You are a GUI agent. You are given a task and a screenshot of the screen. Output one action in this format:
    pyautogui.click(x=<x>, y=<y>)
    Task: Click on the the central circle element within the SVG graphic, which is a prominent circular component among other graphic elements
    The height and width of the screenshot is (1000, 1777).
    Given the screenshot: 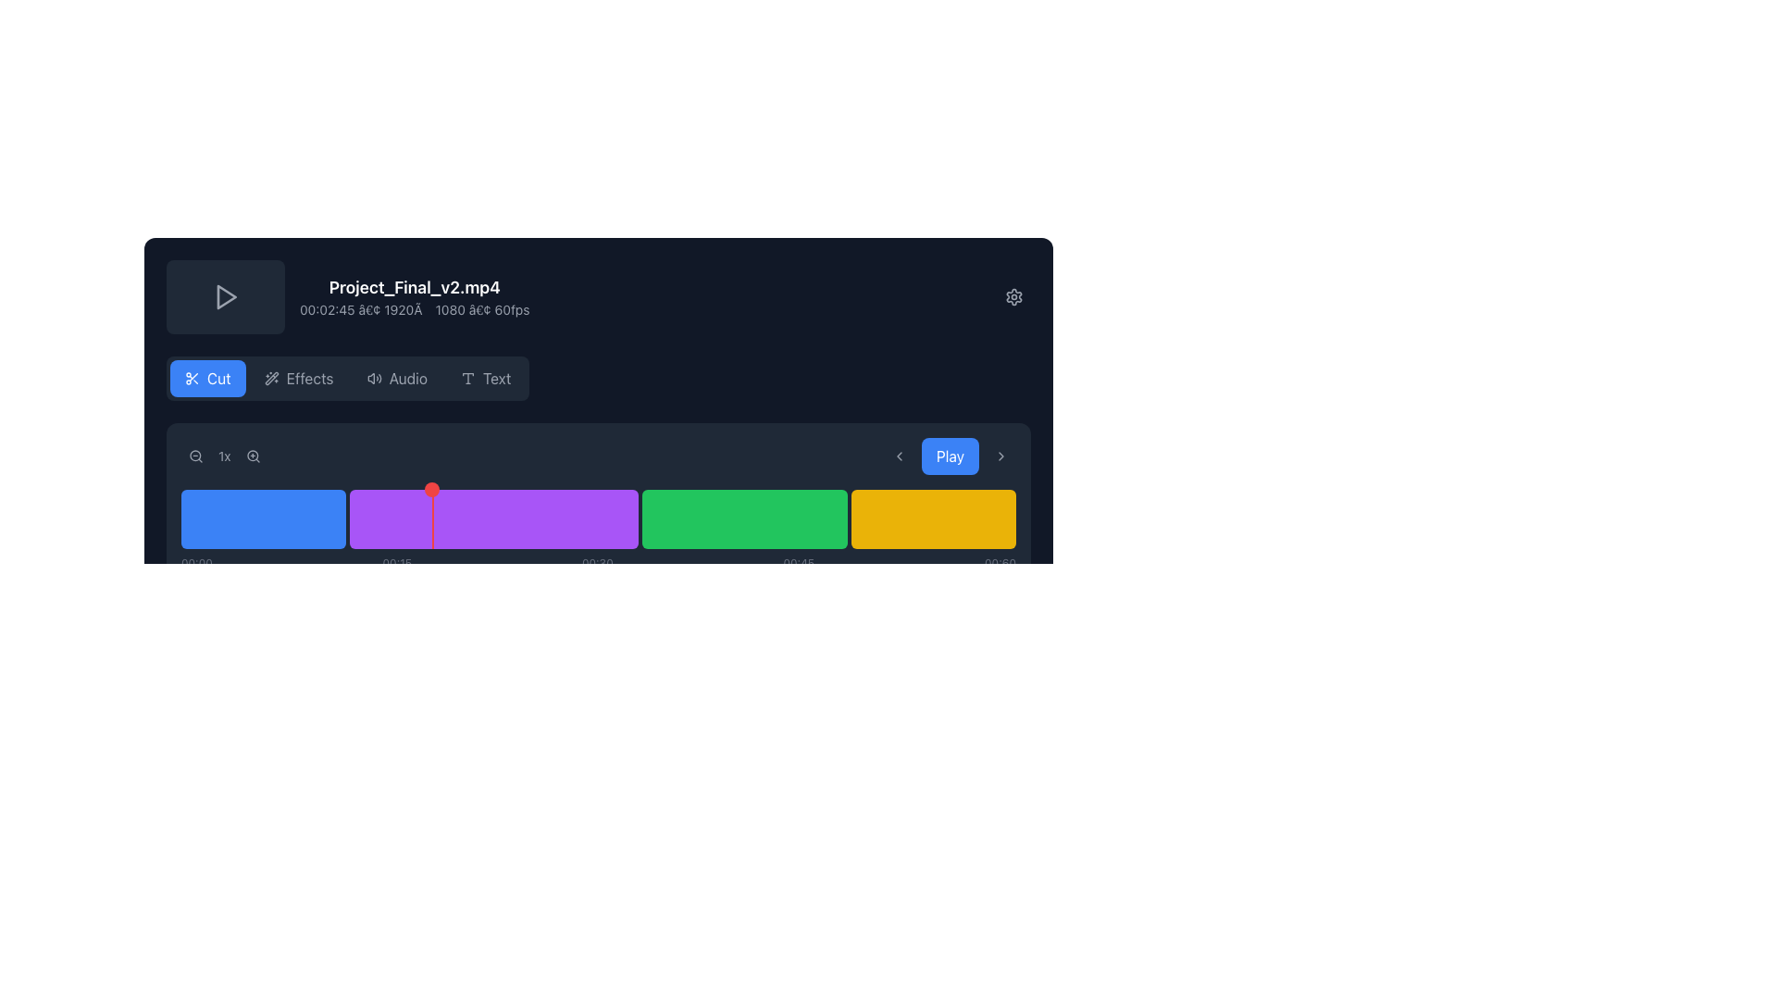 What is the action you would take?
    pyautogui.click(x=251, y=456)
    